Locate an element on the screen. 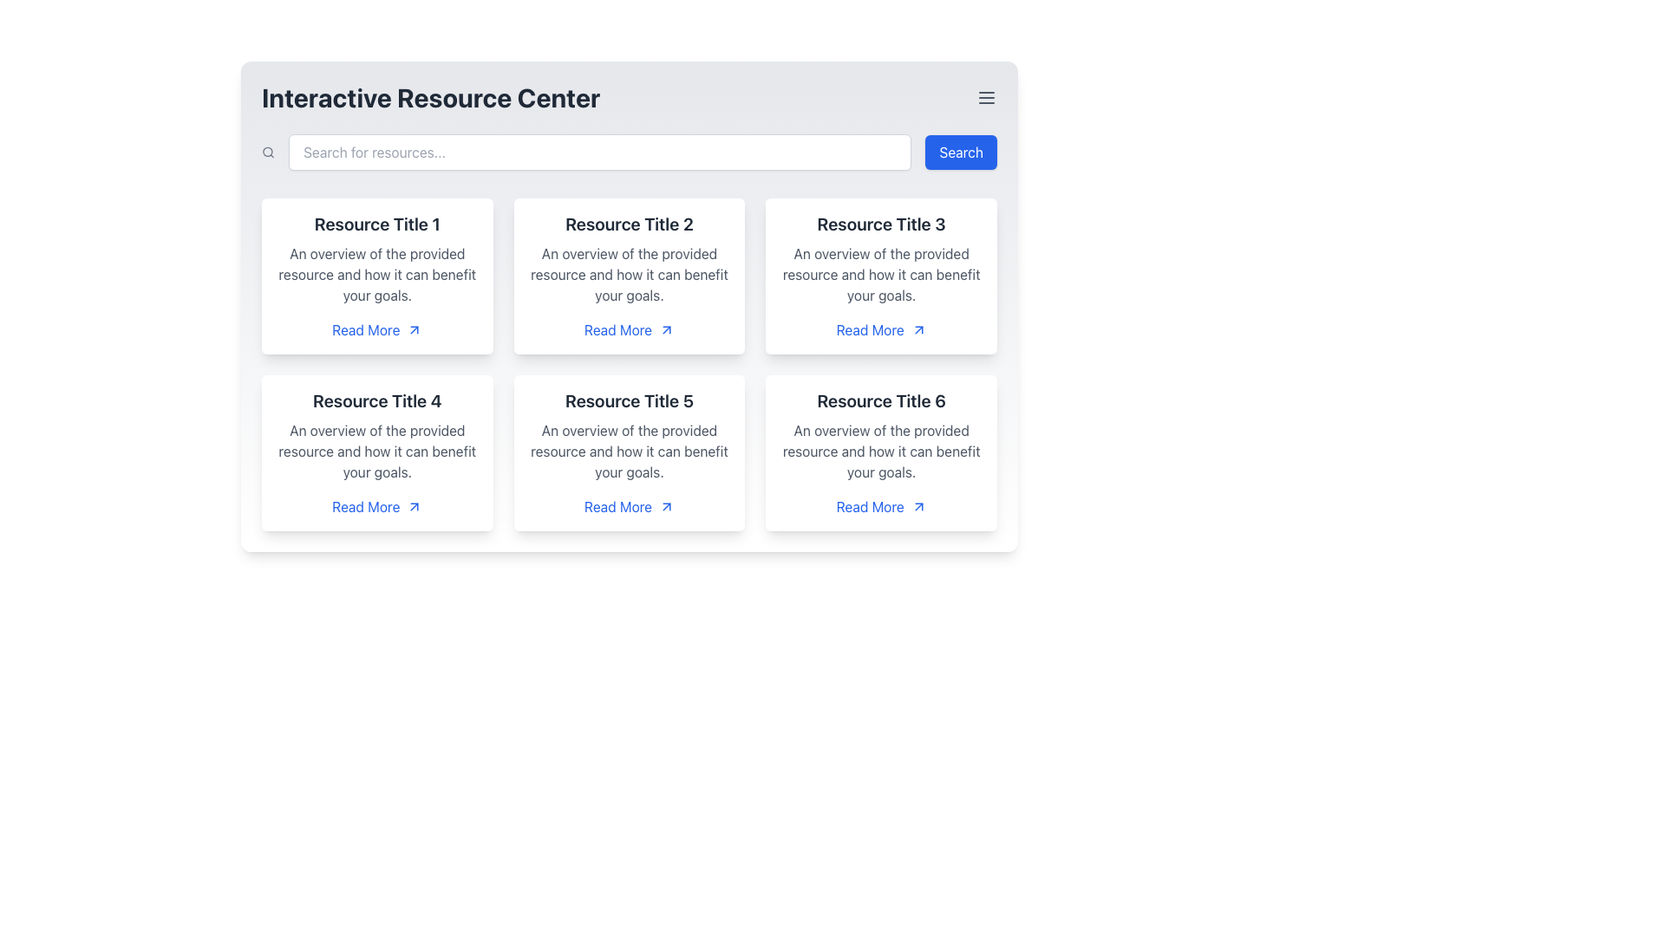 The height and width of the screenshot is (936, 1665). the navigational hyperlink located in the bottom-right card of the grid layout is located at coordinates (881, 507).